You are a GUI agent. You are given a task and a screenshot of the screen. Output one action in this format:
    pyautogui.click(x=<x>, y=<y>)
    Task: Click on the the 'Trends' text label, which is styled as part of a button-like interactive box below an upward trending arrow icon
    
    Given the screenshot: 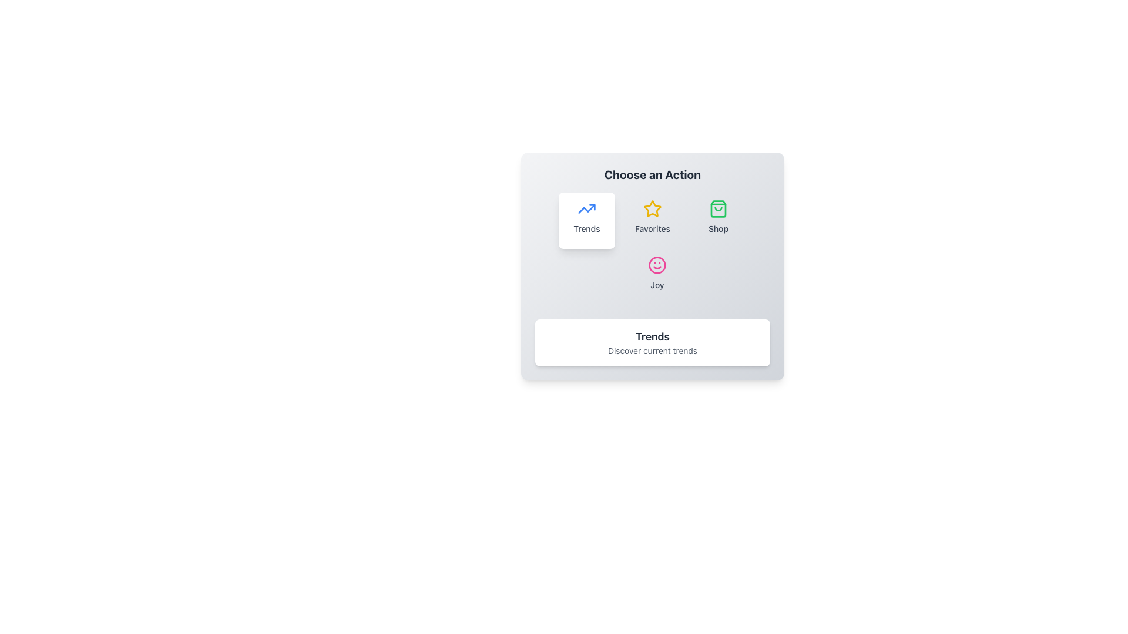 What is the action you would take?
    pyautogui.click(x=586, y=228)
    